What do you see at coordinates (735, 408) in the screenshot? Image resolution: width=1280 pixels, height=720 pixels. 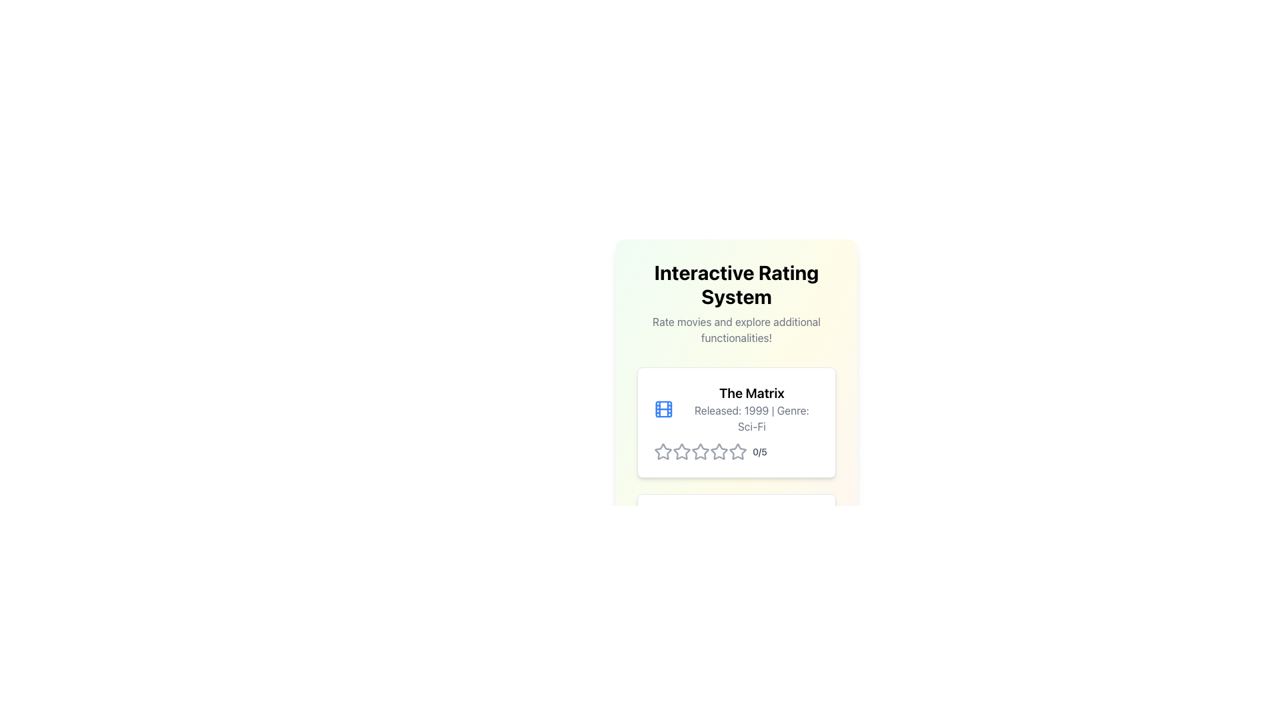 I see `movie's title and details displayed on the informational label located at the center of the card, above the rating stars layout` at bounding box center [735, 408].